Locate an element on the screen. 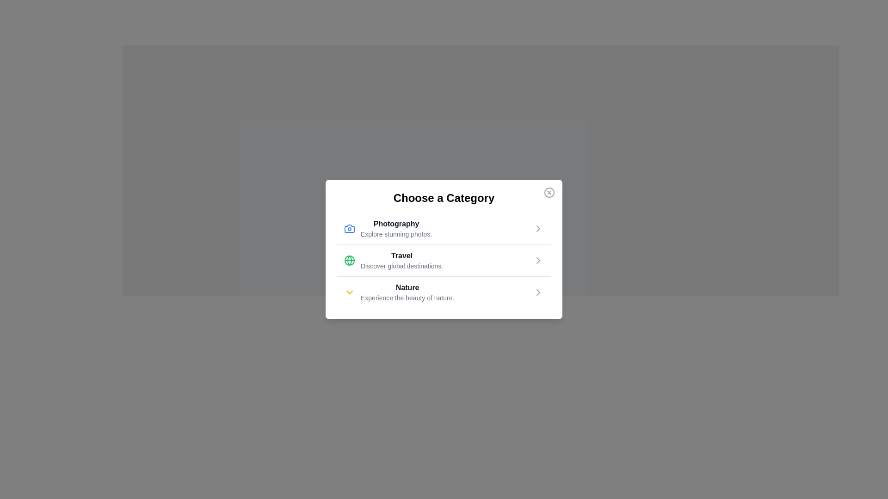 Image resolution: width=888 pixels, height=499 pixels. the rightward-pointing chevron icon next to the 'Travel' category in the 'Choose a Category' interface is located at coordinates (538, 260).